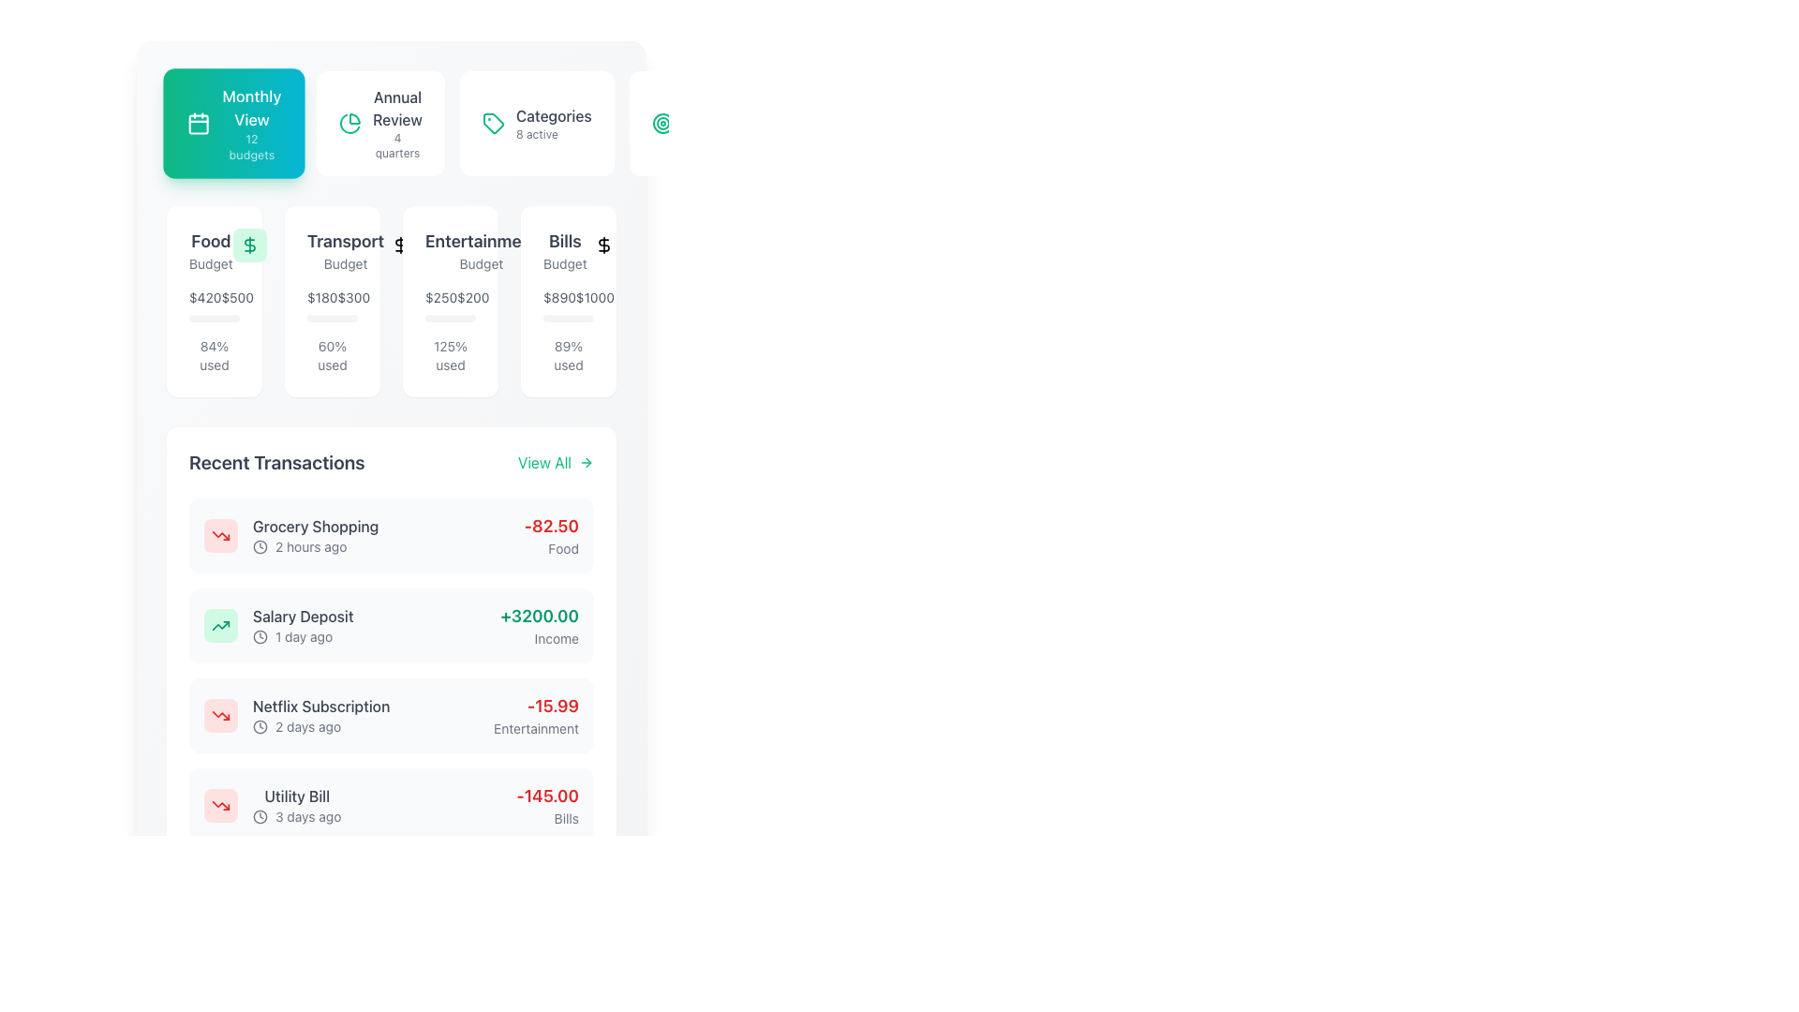 This screenshot has width=1799, height=1012. I want to click on the text label displaying '89% used', located in the budget summary block labeled 'Bills', positioned at the lower-right part beneath the progress bar, so click(567, 356).